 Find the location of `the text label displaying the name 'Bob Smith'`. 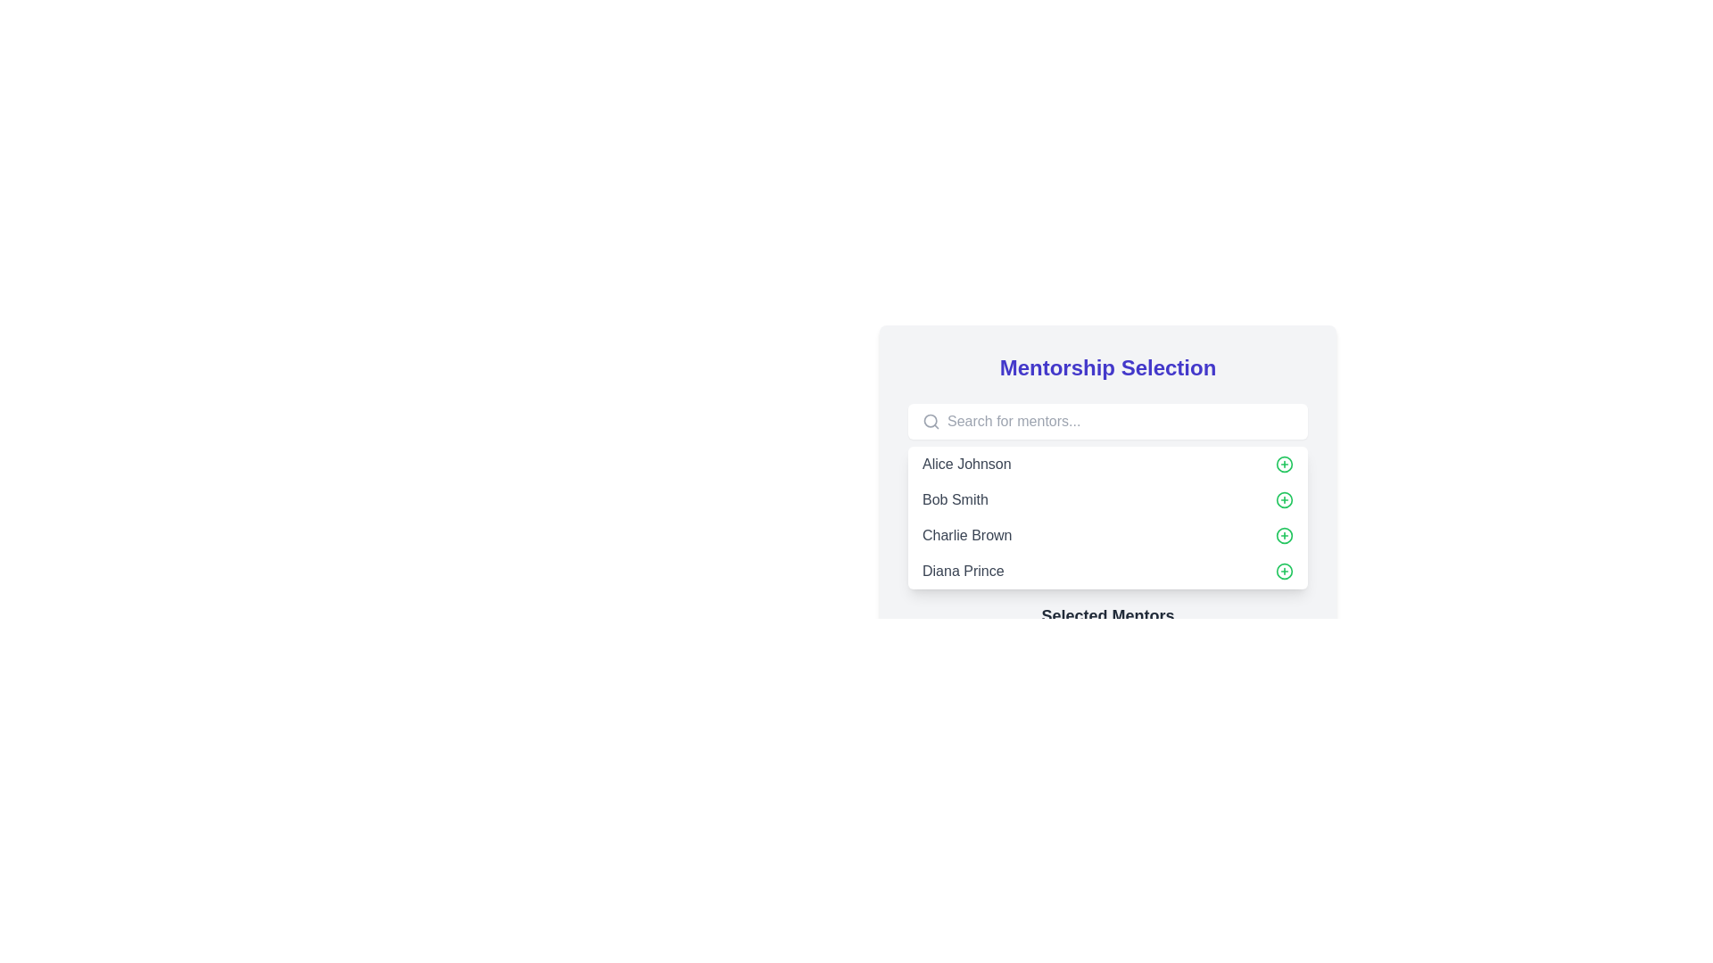

the text label displaying the name 'Bob Smith' is located at coordinates (954, 499).